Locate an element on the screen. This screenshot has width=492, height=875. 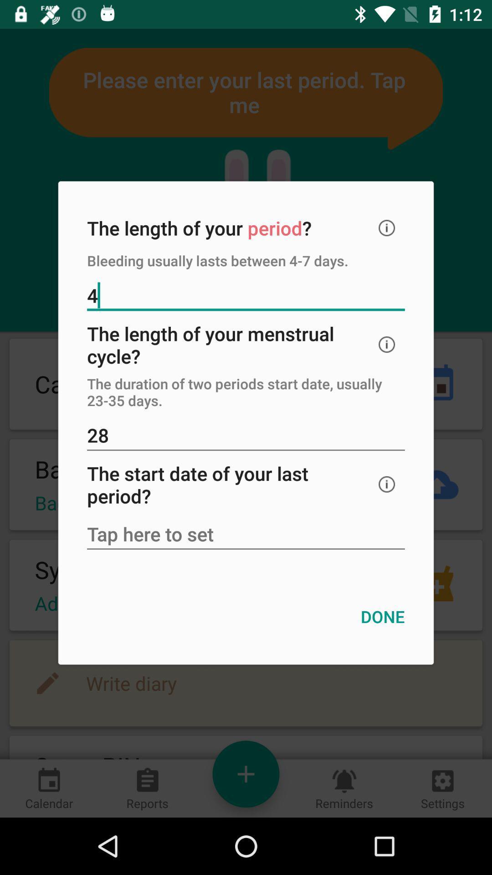
show more information is located at coordinates (387, 344).